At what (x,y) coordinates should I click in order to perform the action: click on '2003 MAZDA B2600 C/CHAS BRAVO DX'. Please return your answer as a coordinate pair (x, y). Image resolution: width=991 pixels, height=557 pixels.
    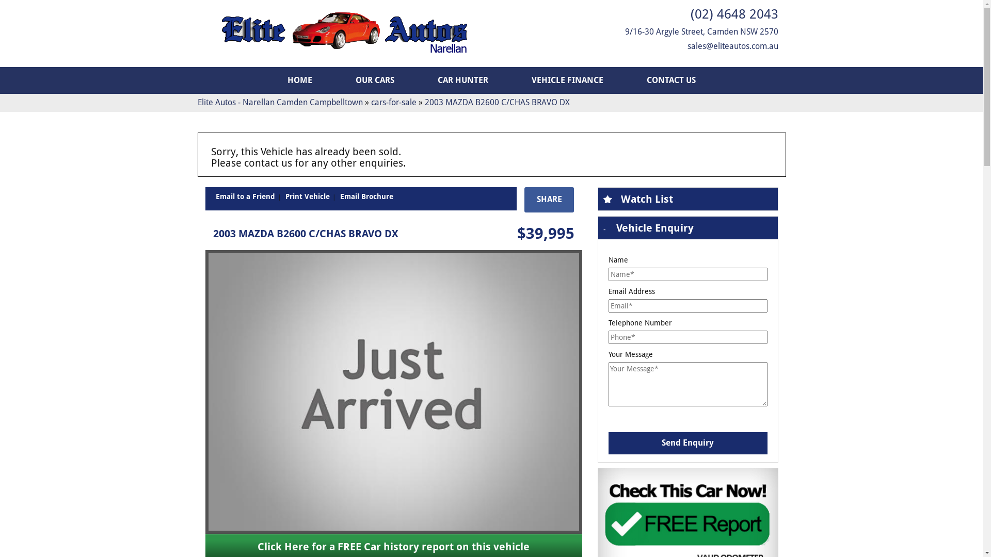
    Looking at the image, I should click on (497, 102).